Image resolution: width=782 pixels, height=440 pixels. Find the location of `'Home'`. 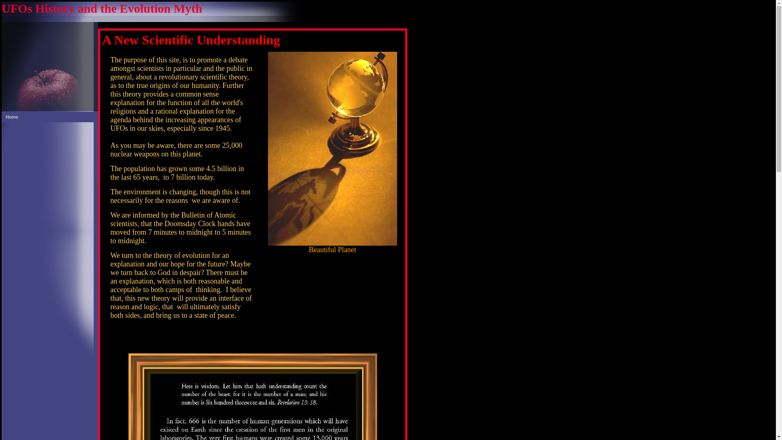

'Home' is located at coordinates (49, 117).